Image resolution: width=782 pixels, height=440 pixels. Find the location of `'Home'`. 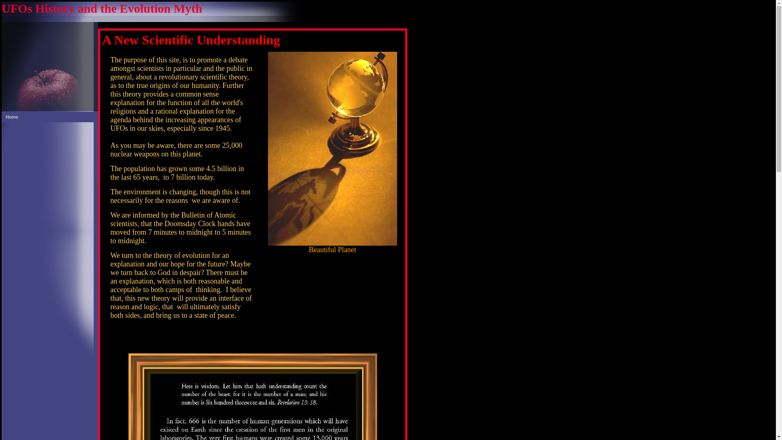

'Home' is located at coordinates (49, 117).